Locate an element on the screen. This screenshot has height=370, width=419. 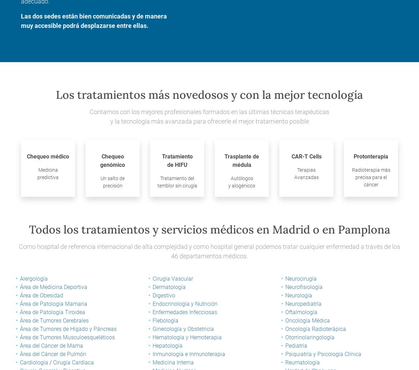
'Cirugía Vascular' is located at coordinates (172, 279).